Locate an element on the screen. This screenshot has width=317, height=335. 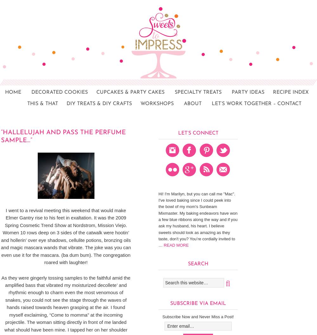
'Search' is located at coordinates (198, 264).